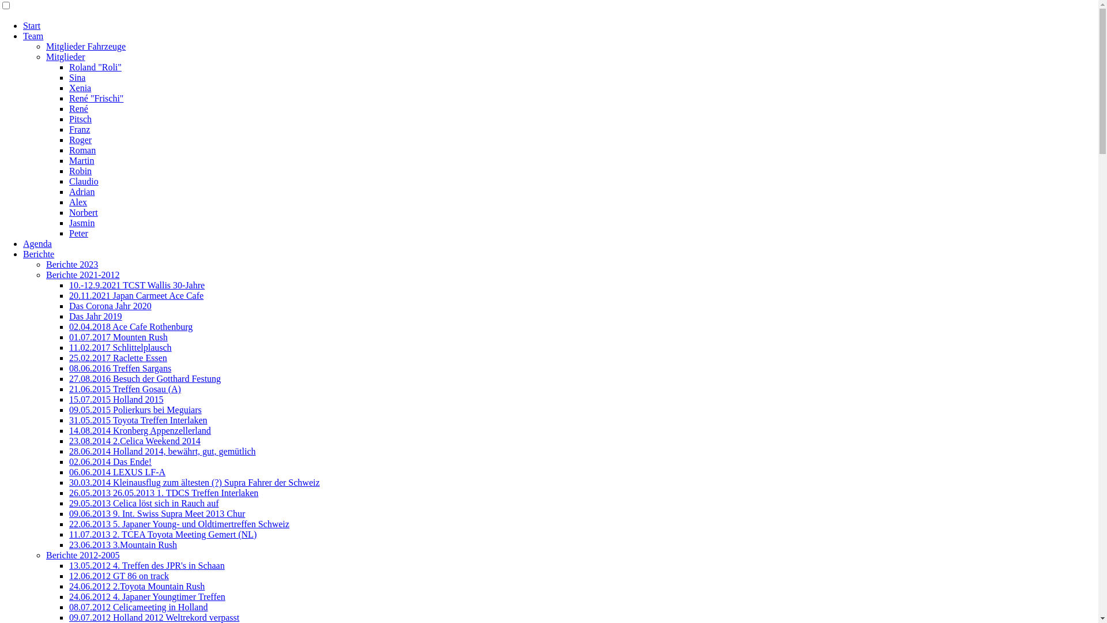  I want to click on 'Berichte 2021-2012', so click(82, 275).